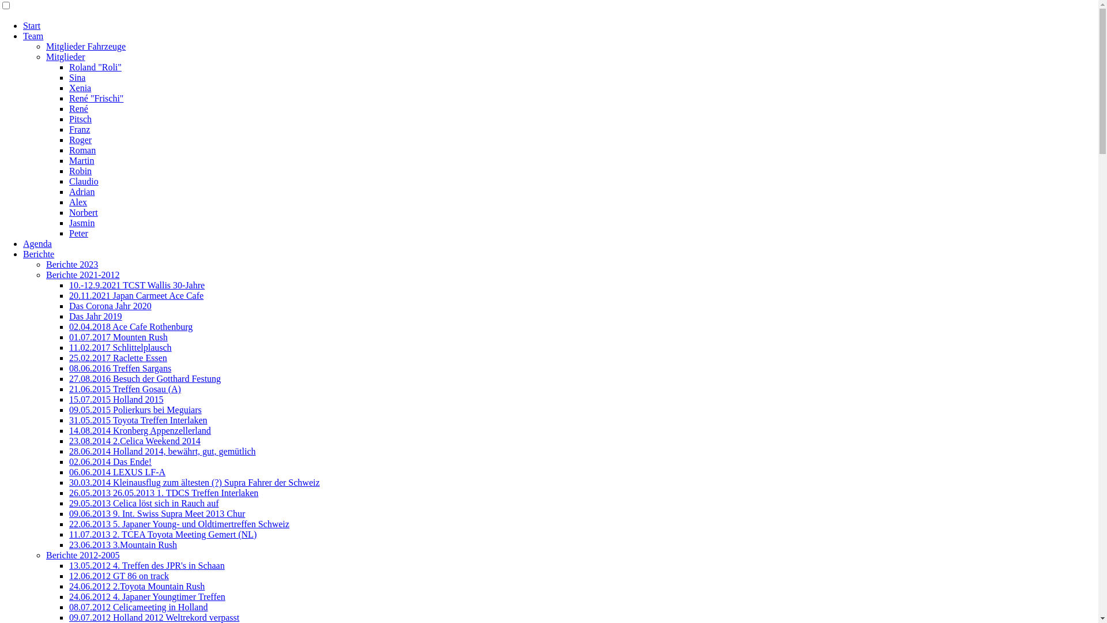  I want to click on 'Berichte 2021-2012', so click(82, 275).